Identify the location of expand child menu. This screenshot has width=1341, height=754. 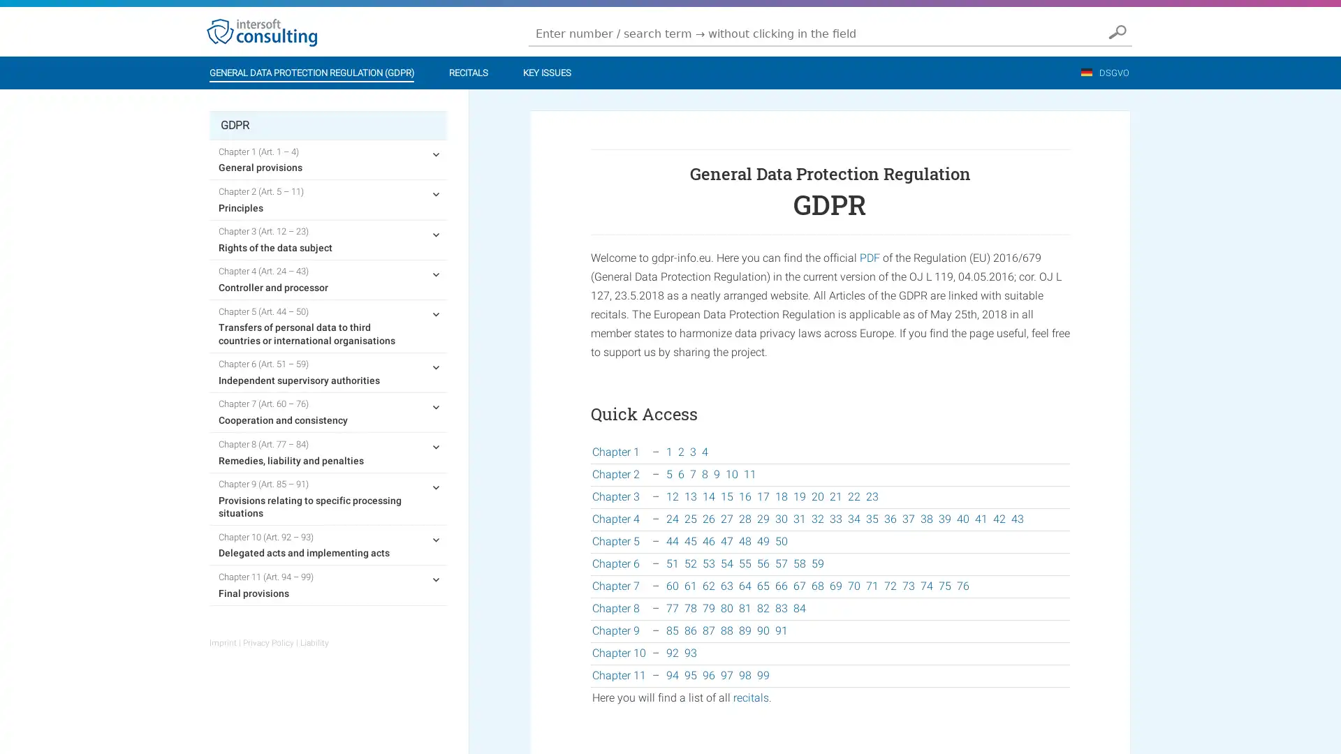
(435, 365).